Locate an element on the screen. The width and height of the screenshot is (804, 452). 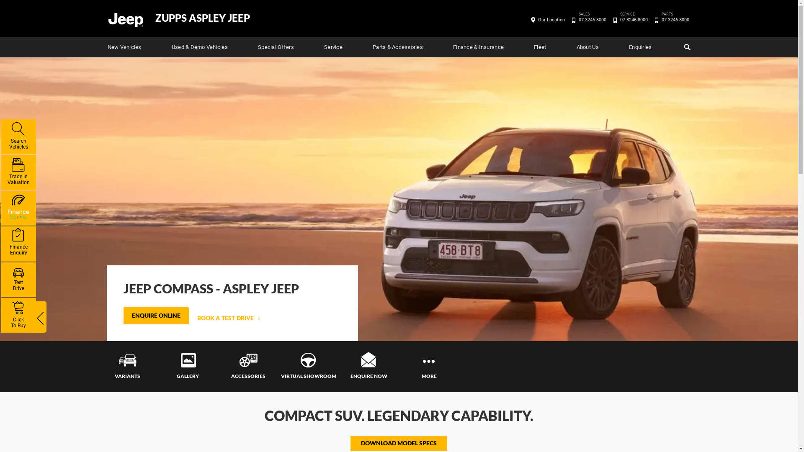
'ACCESSORIES' is located at coordinates (217, 366).